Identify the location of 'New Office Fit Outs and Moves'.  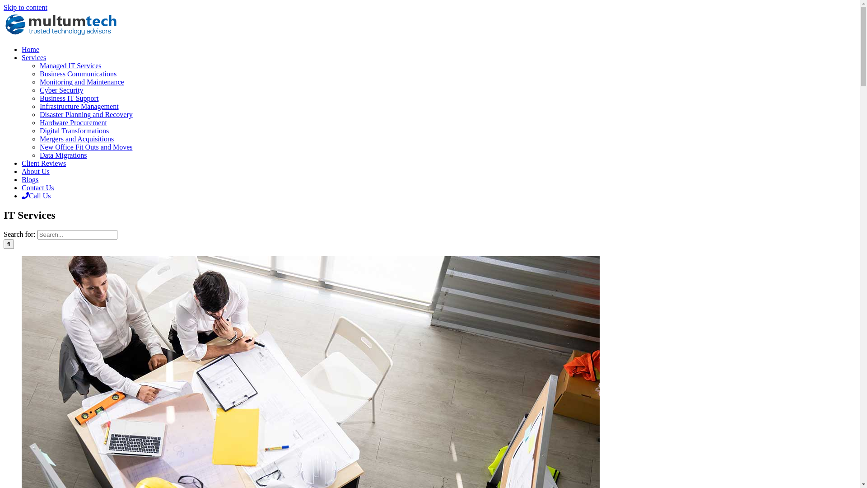
(86, 146).